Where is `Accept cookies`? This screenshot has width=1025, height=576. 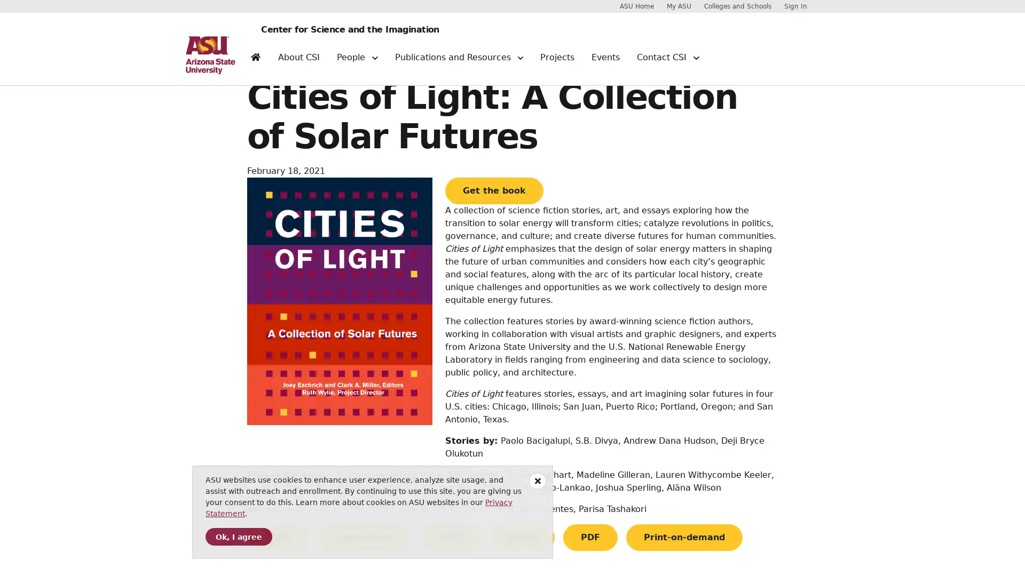
Accept cookies is located at coordinates (238, 537).